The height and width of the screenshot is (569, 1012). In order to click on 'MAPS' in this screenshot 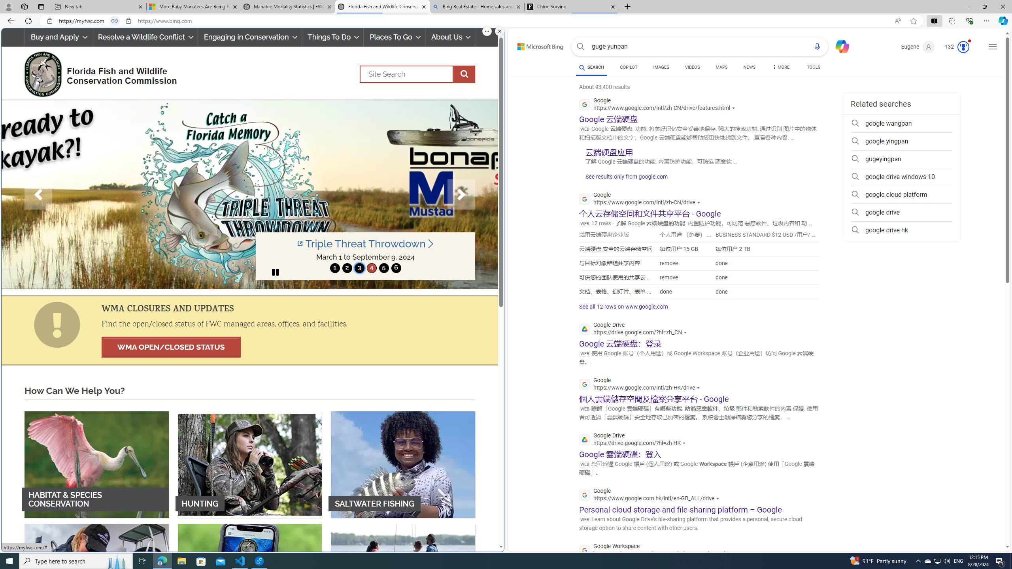, I will do `click(721, 67)`.